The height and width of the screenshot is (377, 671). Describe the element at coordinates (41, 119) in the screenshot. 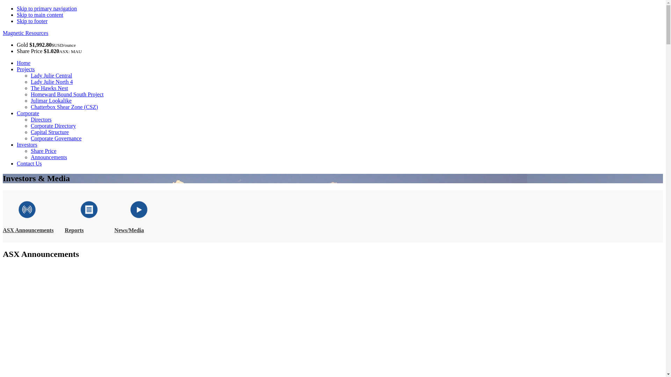

I see `'Directors'` at that location.